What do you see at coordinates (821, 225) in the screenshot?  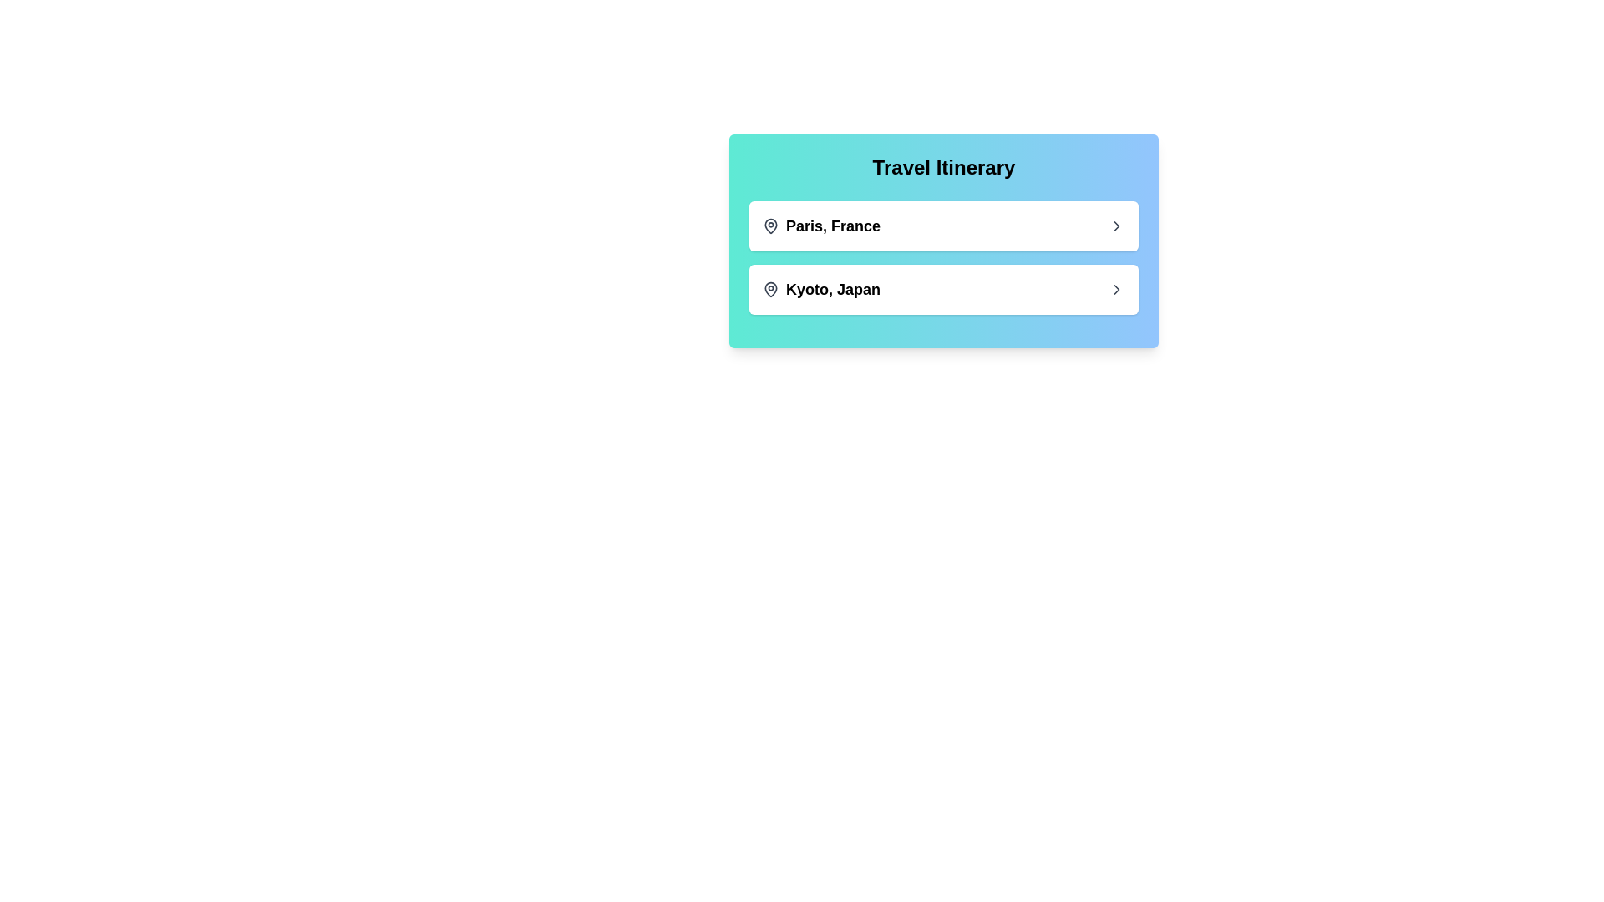 I see `the first location entry in the travel itinerary, which is above 'Kyoto, Japan'` at bounding box center [821, 225].